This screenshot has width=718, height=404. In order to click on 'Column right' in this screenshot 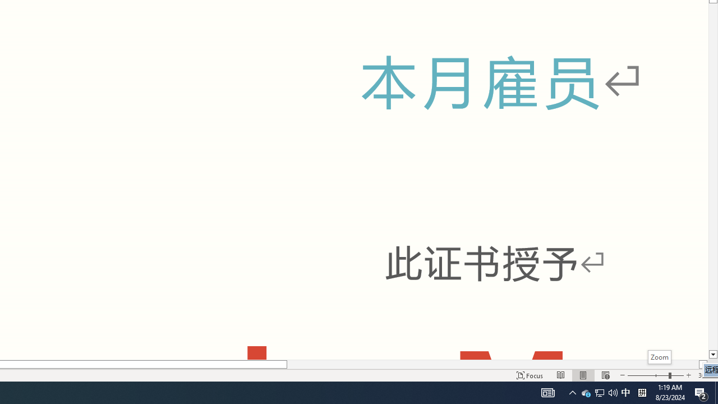, I will do `click(703, 364)`.